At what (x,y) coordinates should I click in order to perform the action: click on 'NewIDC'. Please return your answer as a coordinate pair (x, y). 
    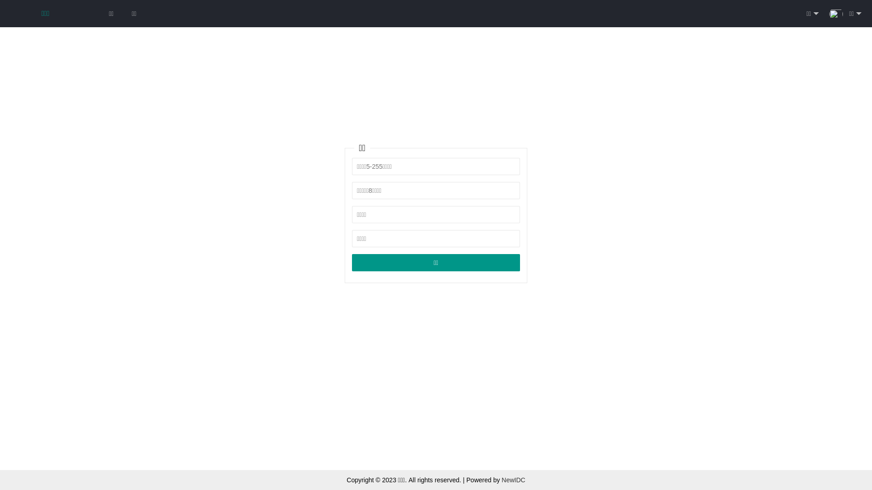
    Looking at the image, I should click on (514, 479).